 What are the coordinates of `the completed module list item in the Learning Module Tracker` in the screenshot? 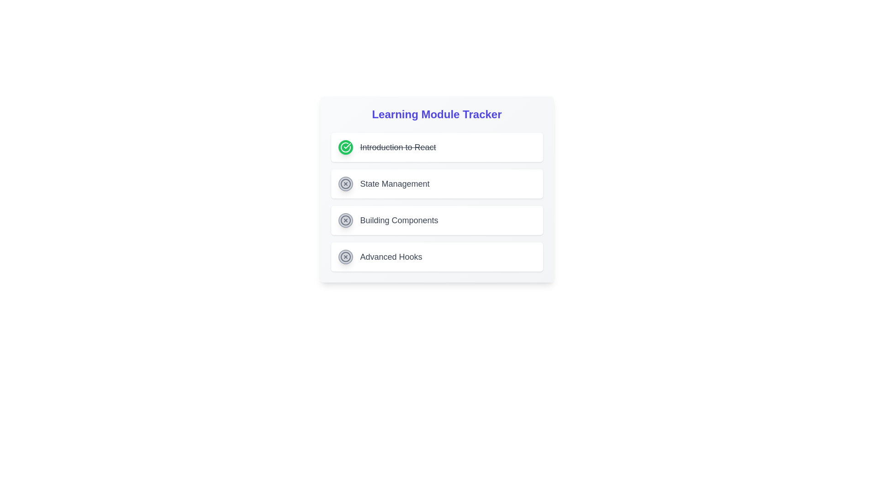 It's located at (436, 147).